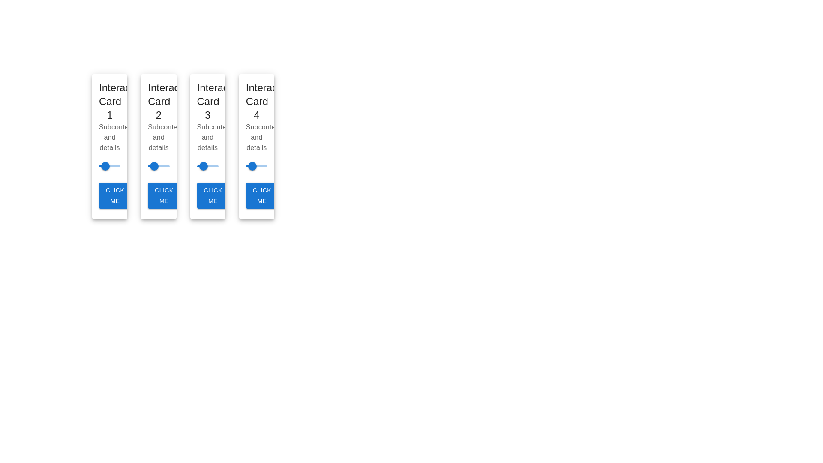  I want to click on the button labeled 'Click Me', which is a bold blue button with rounded corners located at the bottom of 'Interactive Card 2', so click(164, 195).